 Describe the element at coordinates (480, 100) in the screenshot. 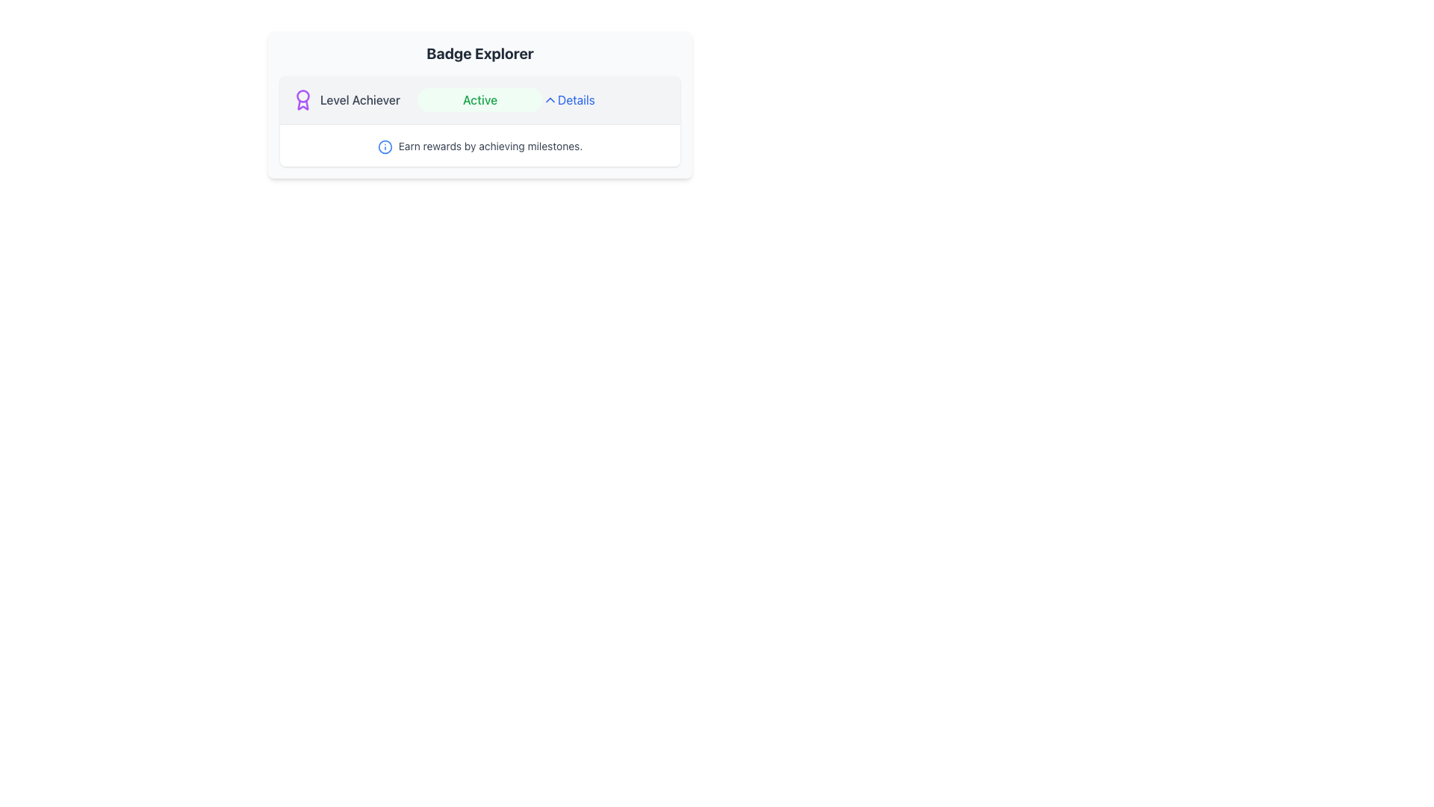

I see `the Informational Section containing the purple award icon, green active badge, and blue details text` at that location.